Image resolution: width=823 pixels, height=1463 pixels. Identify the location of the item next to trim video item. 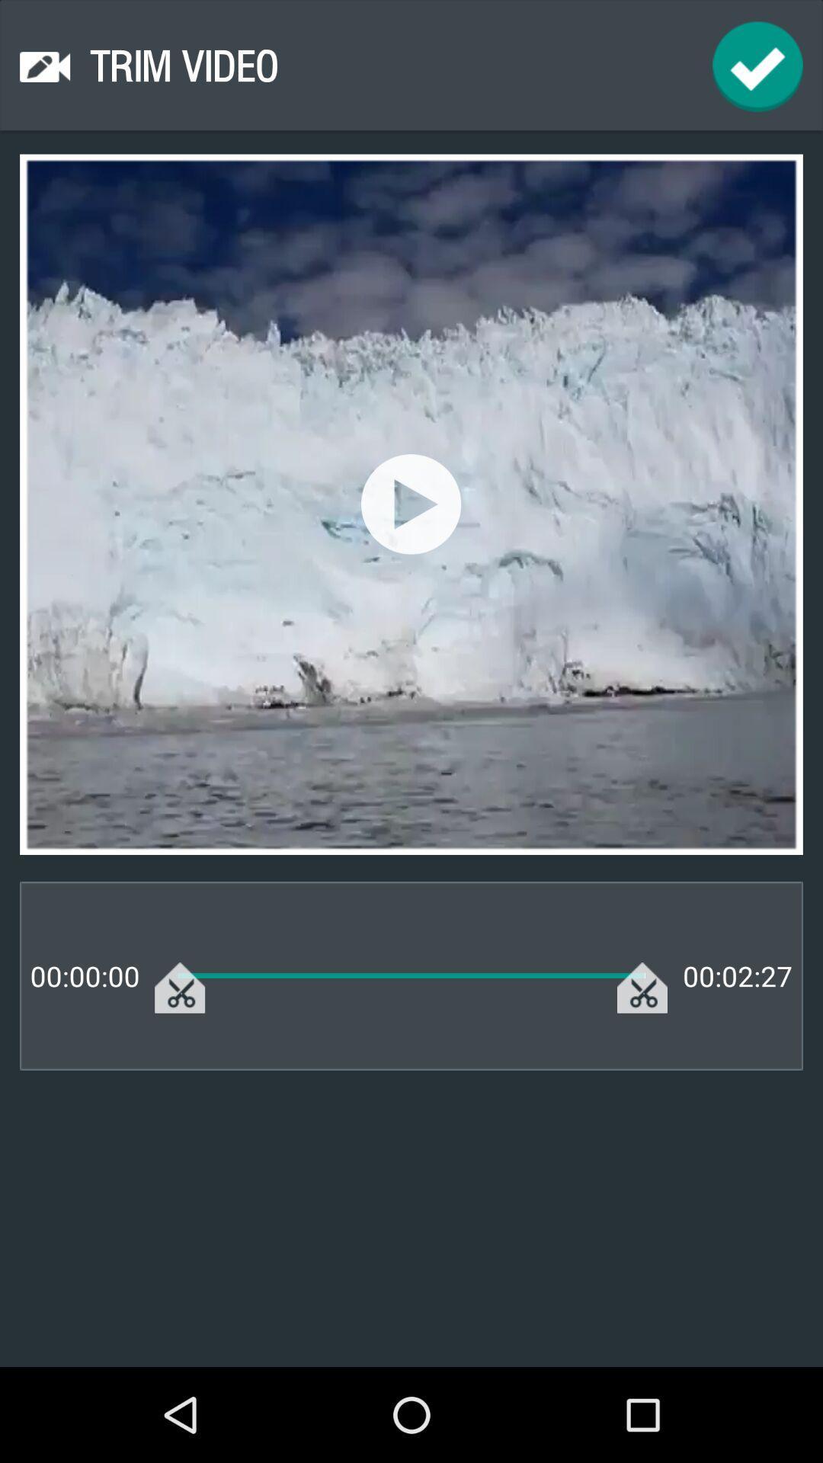
(757, 66).